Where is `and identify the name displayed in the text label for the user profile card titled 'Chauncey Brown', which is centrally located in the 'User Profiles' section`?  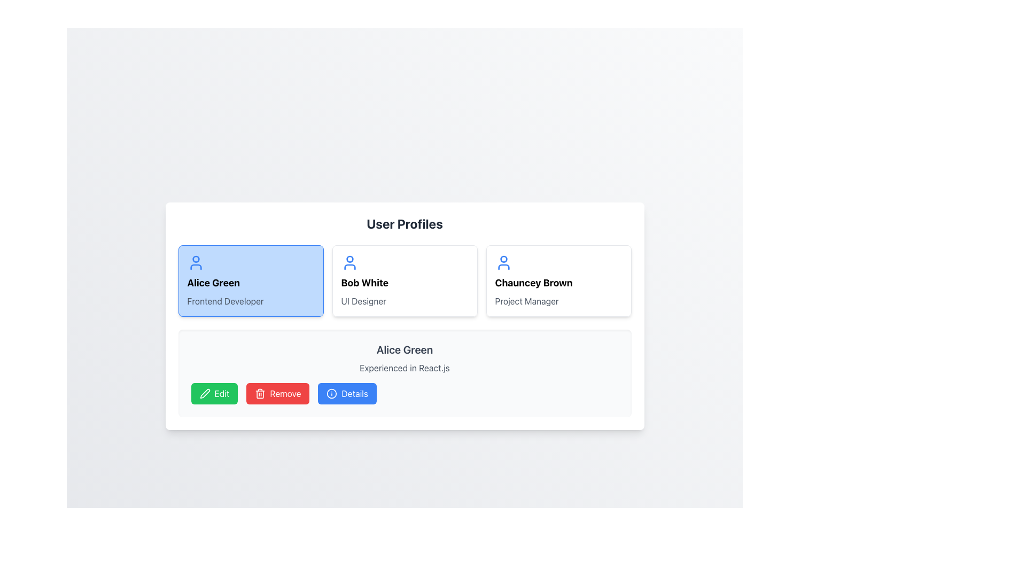
and identify the name displayed in the text label for the user profile card titled 'Chauncey Brown', which is centrally located in the 'User Profiles' section is located at coordinates (533, 282).